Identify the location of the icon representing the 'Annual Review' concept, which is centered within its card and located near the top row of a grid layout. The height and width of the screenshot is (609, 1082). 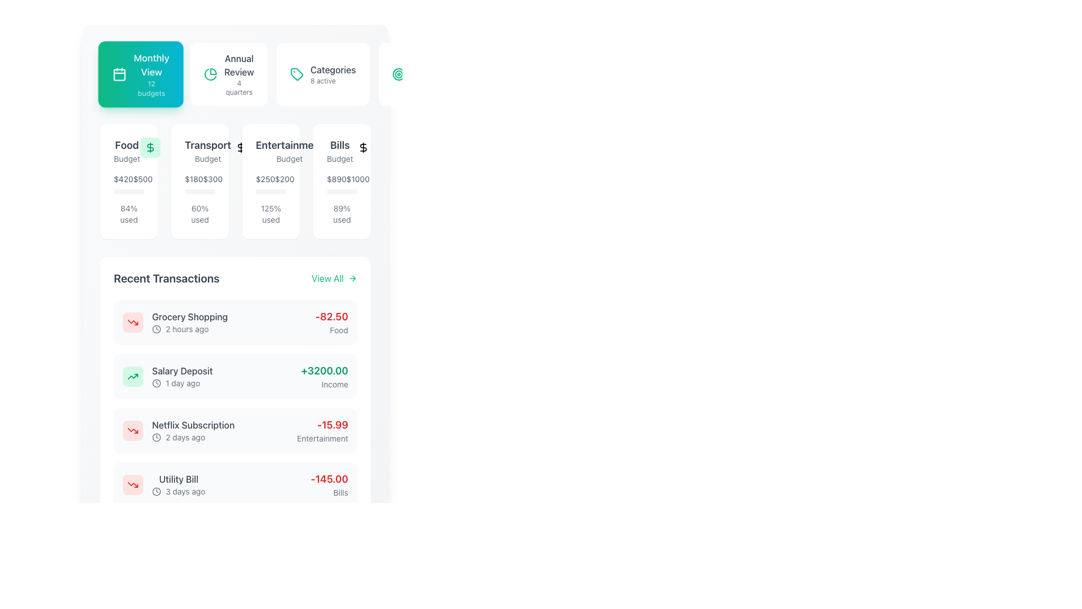
(211, 74).